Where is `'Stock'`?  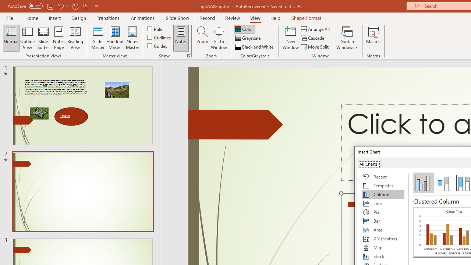 'Stock' is located at coordinates (383, 256).